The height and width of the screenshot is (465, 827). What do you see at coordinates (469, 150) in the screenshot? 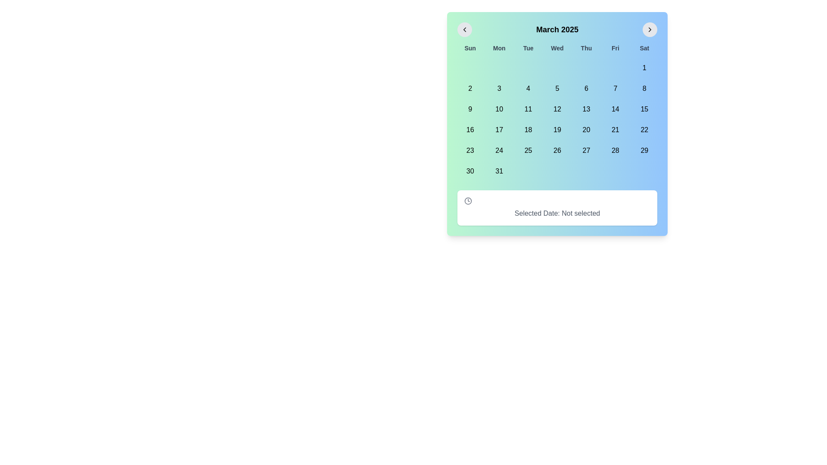
I see `the button representing the day '23' in the calendar view` at bounding box center [469, 150].